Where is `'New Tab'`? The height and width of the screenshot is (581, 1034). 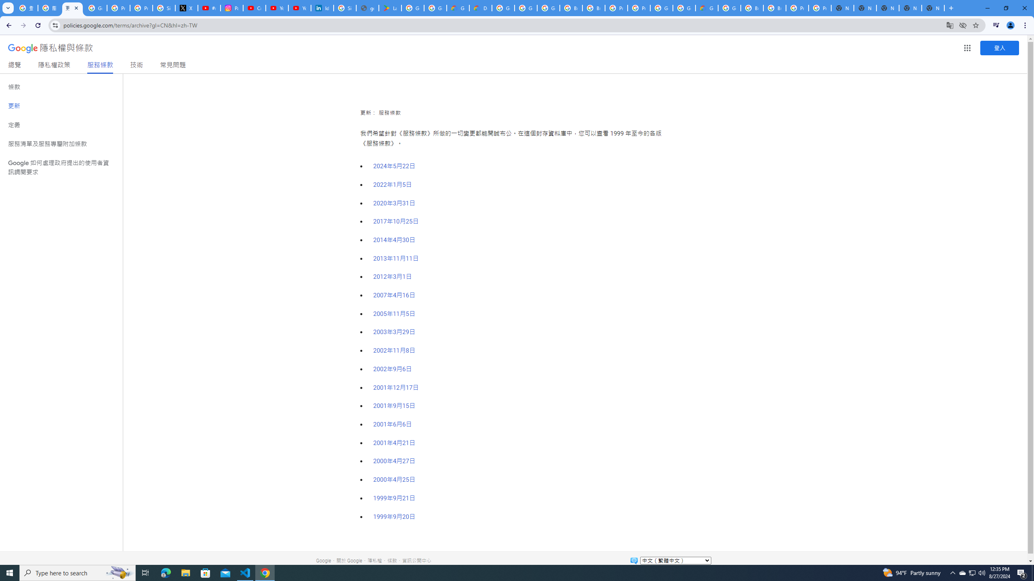
'New Tab' is located at coordinates (933, 8).